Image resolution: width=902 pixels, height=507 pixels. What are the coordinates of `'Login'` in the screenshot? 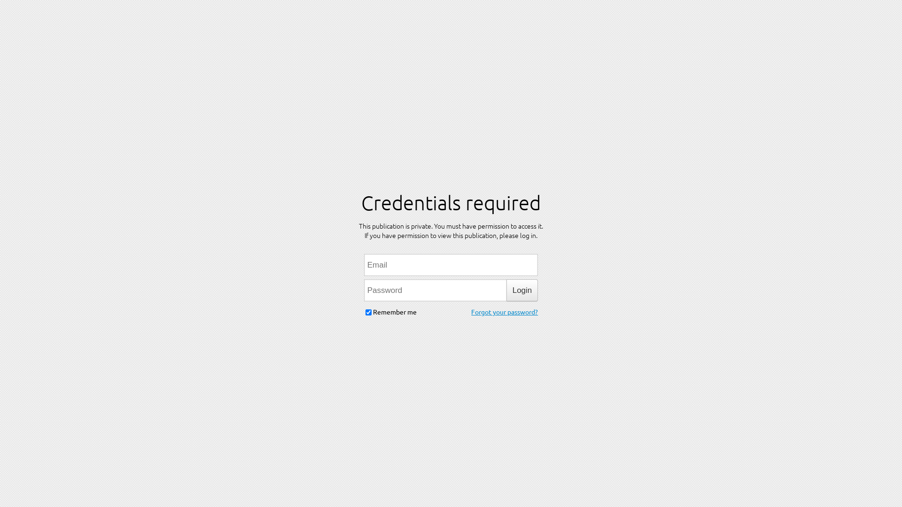 It's located at (522, 290).